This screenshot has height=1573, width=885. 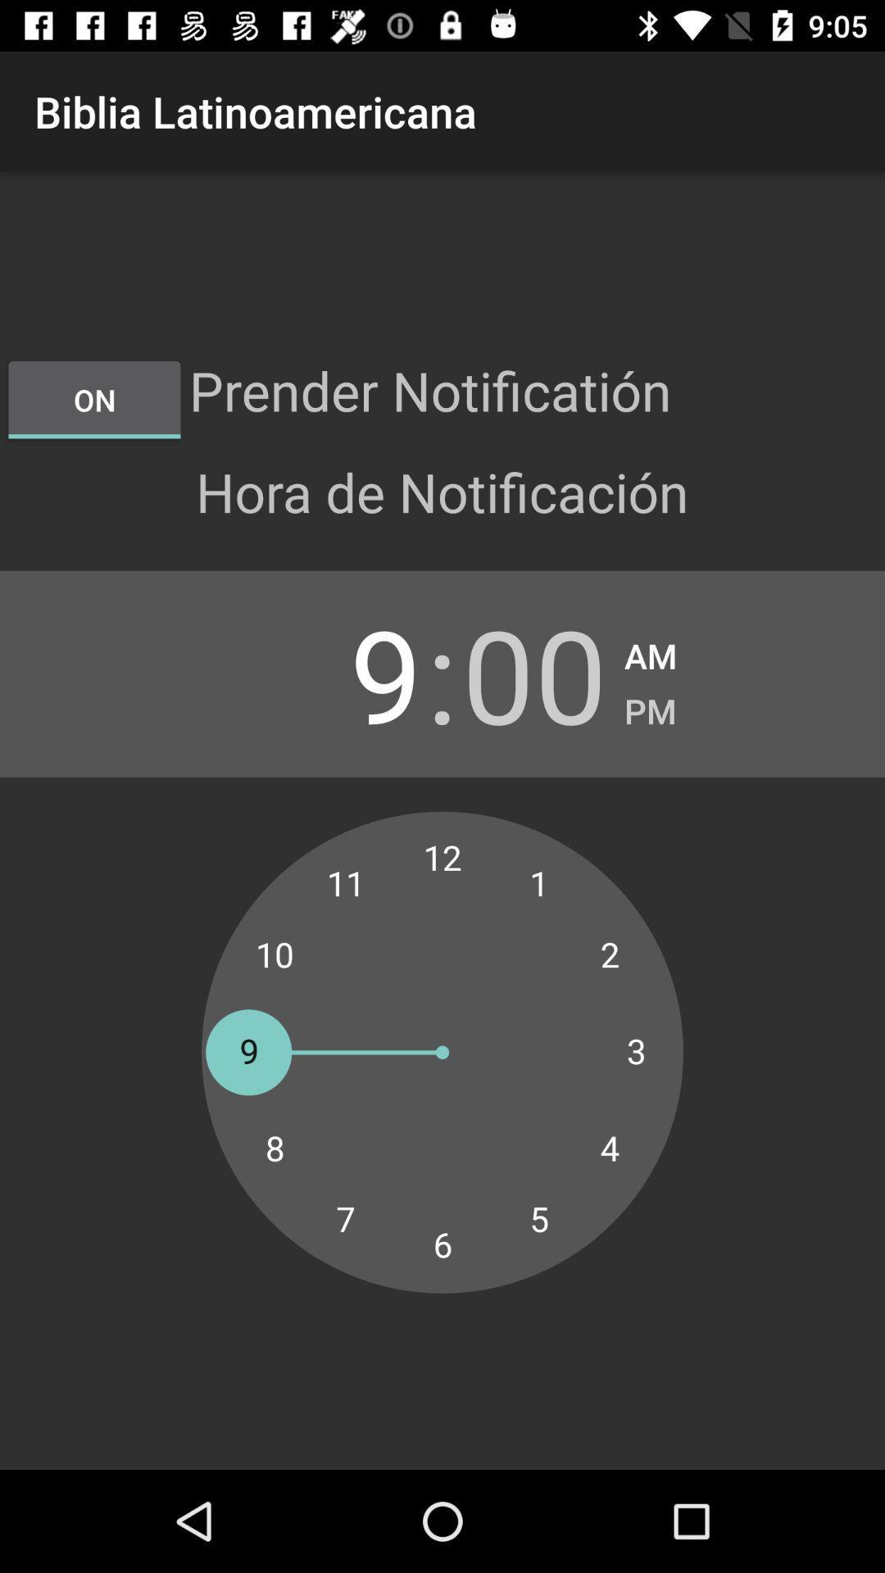 What do you see at coordinates (650, 651) in the screenshot?
I see `app next to 00 item` at bounding box center [650, 651].